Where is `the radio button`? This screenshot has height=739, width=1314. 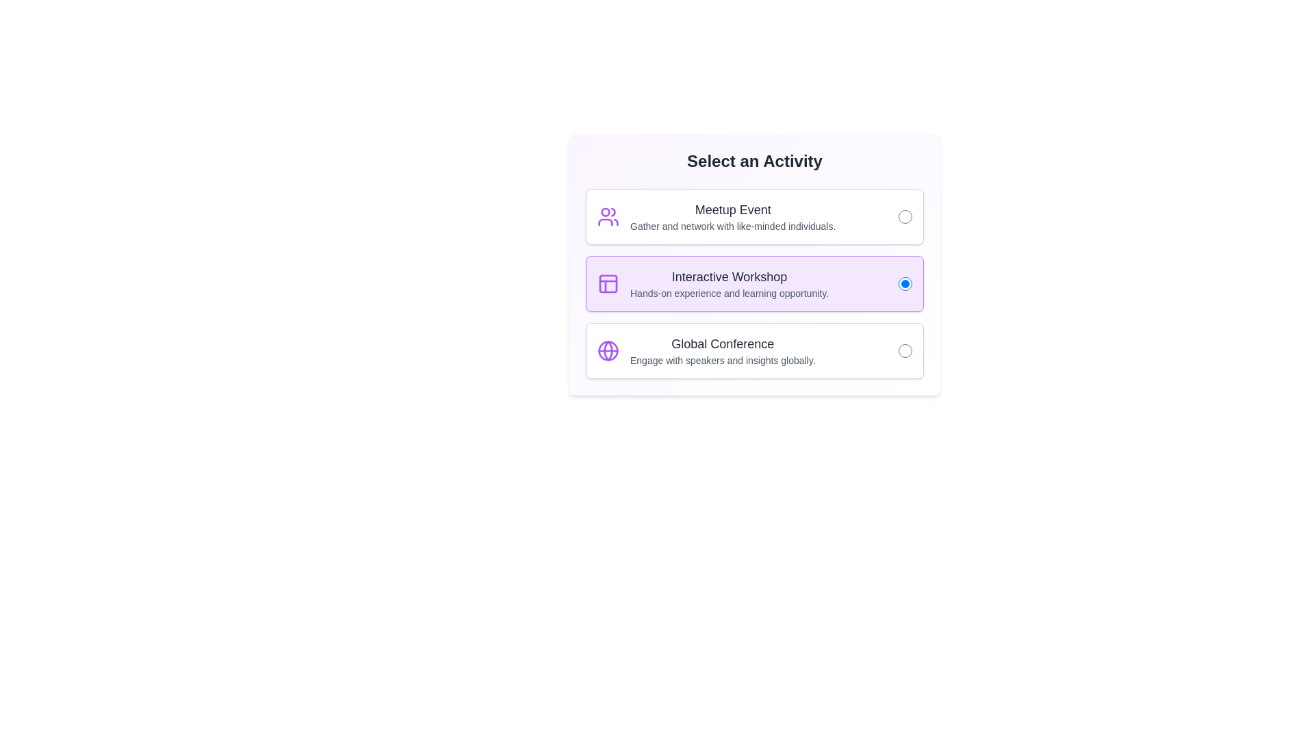 the radio button is located at coordinates (754, 264).